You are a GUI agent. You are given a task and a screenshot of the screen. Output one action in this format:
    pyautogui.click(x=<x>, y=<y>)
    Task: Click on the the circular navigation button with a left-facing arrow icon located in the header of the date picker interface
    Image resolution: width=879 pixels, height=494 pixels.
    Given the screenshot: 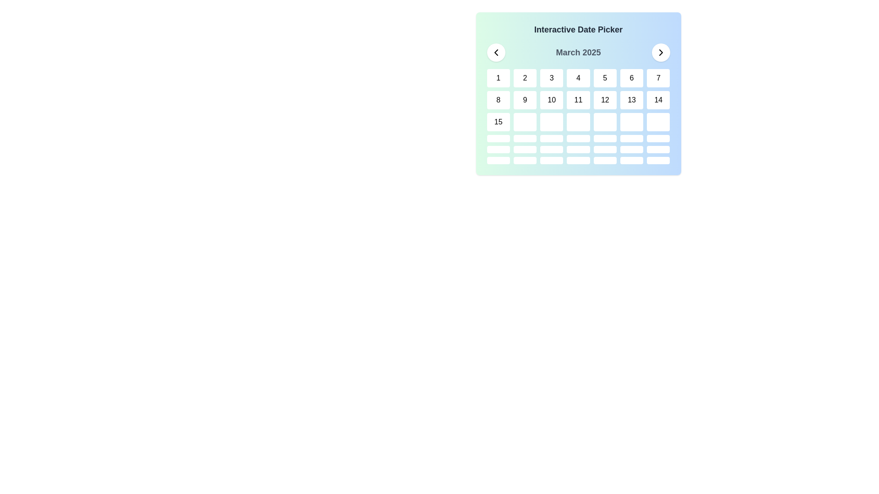 What is the action you would take?
    pyautogui.click(x=495, y=53)
    